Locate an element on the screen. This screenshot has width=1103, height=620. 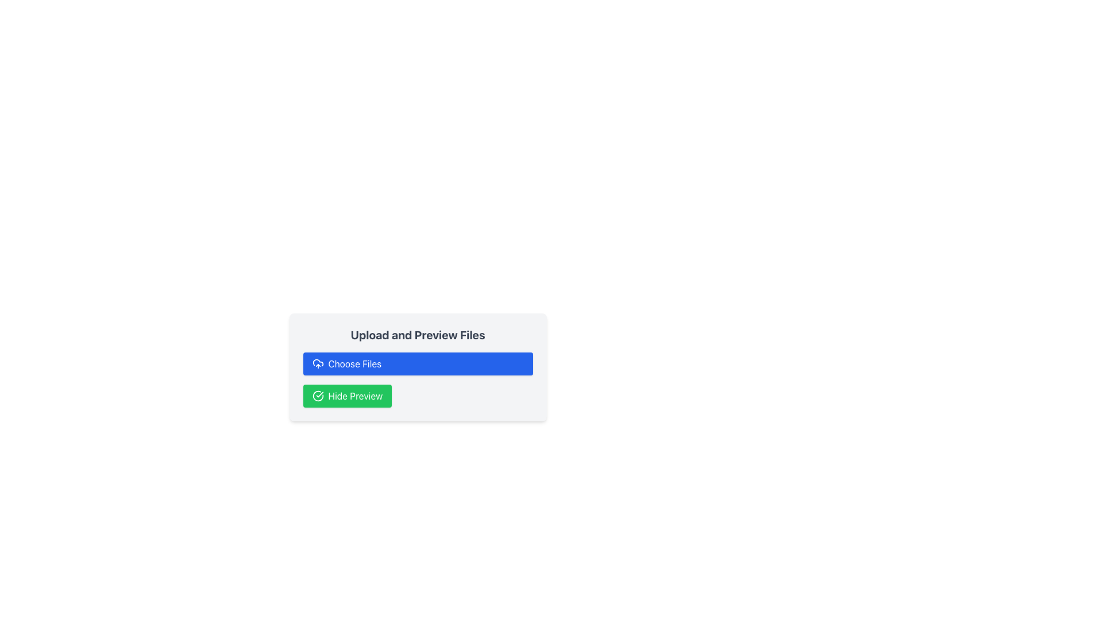
the green 'Hide Preview' button with white text and a circular check icon, located at the bottom of the 'Upload and Preview Files' control panel is located at coordinates (346, 396).